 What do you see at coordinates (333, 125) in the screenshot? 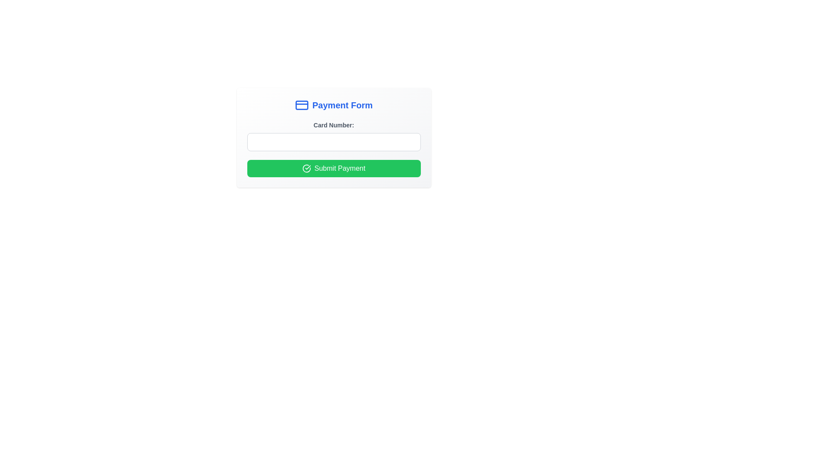
I see `the text label displaying 'Card Number:' in bold gray font, which is located above the text input field` at bounding box center [333, 125].